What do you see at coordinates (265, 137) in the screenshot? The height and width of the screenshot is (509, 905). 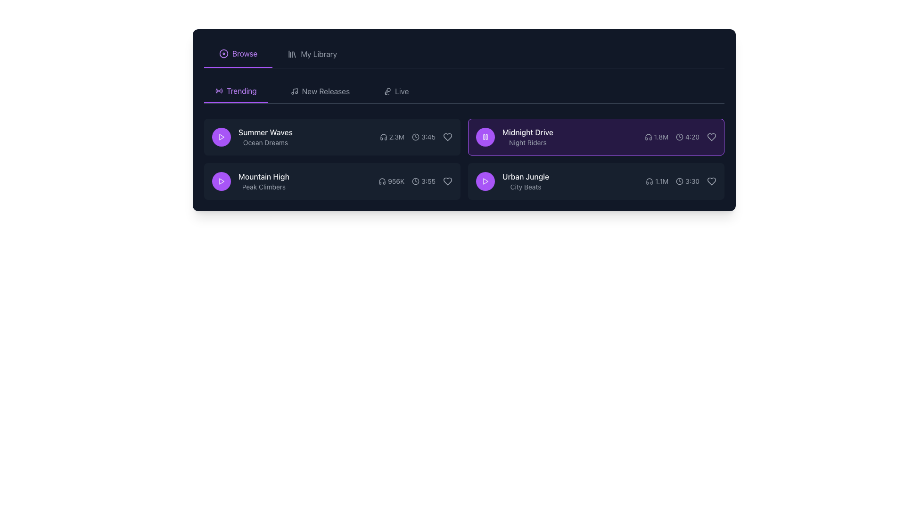 I see `the Text Display element containing the title 'Summer Waves' and subtitle 'Ocean Dreams', which is positioned to the right of a circular play icon button in the trending list` at bounding box center [265, 137].